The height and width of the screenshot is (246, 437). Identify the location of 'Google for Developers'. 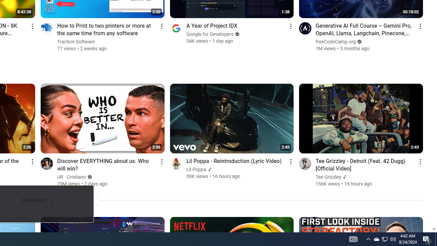
(210, 34).